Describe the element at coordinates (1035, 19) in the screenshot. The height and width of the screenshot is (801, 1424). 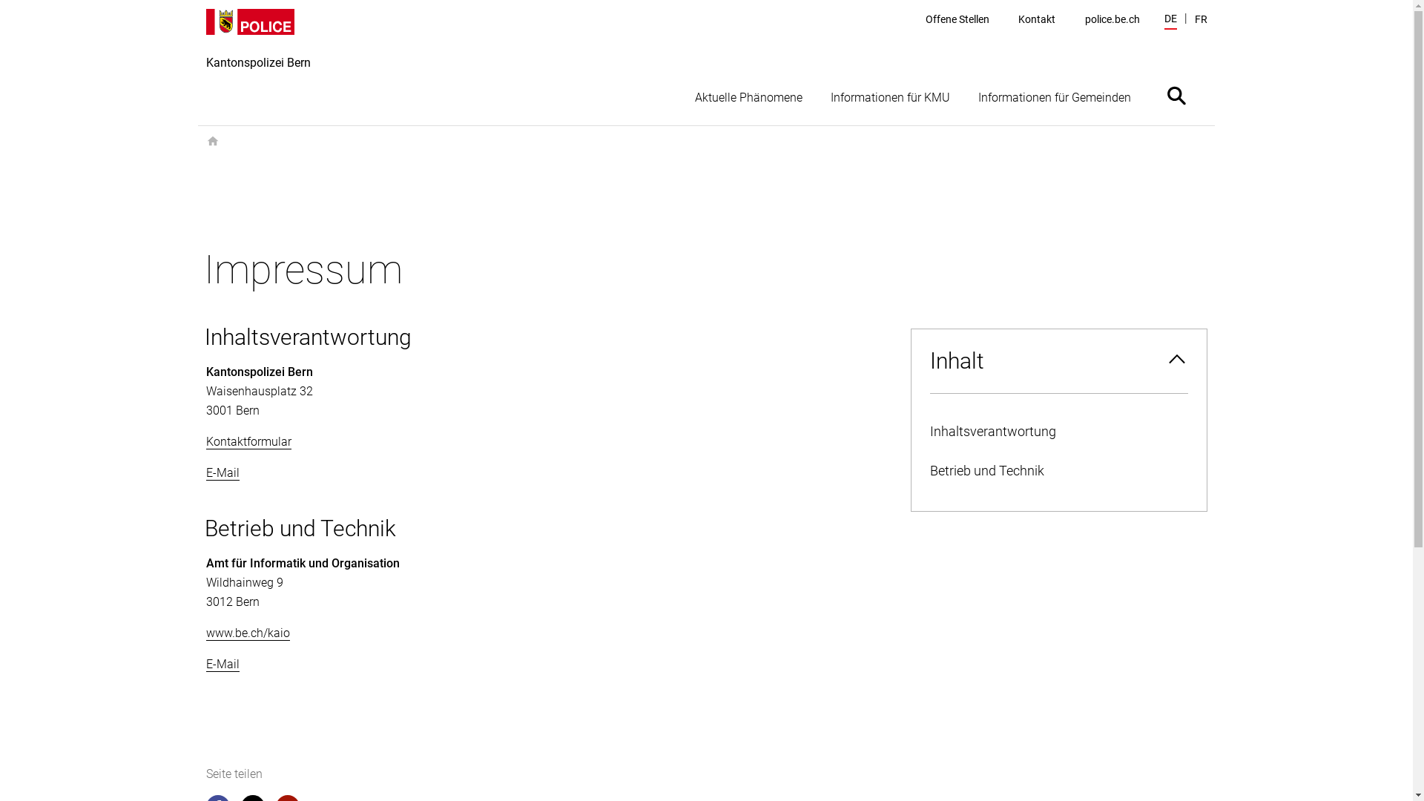
I see `'Kontakt'` at that location.